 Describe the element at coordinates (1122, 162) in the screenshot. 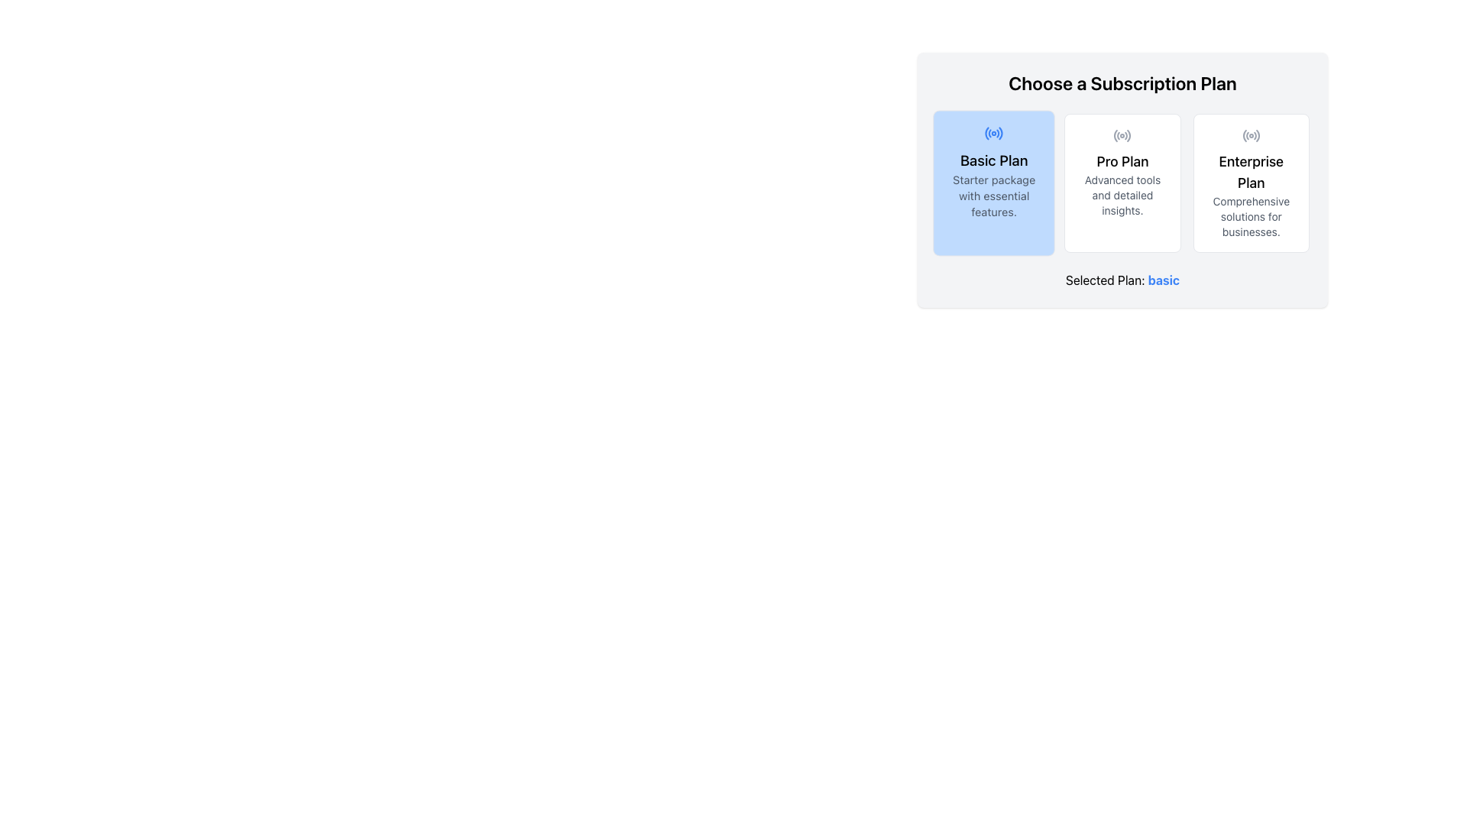

I see `the text element displaying 'Pro Plan', which is prominently styled in bold black font and located at the top-center of its card` at that location.